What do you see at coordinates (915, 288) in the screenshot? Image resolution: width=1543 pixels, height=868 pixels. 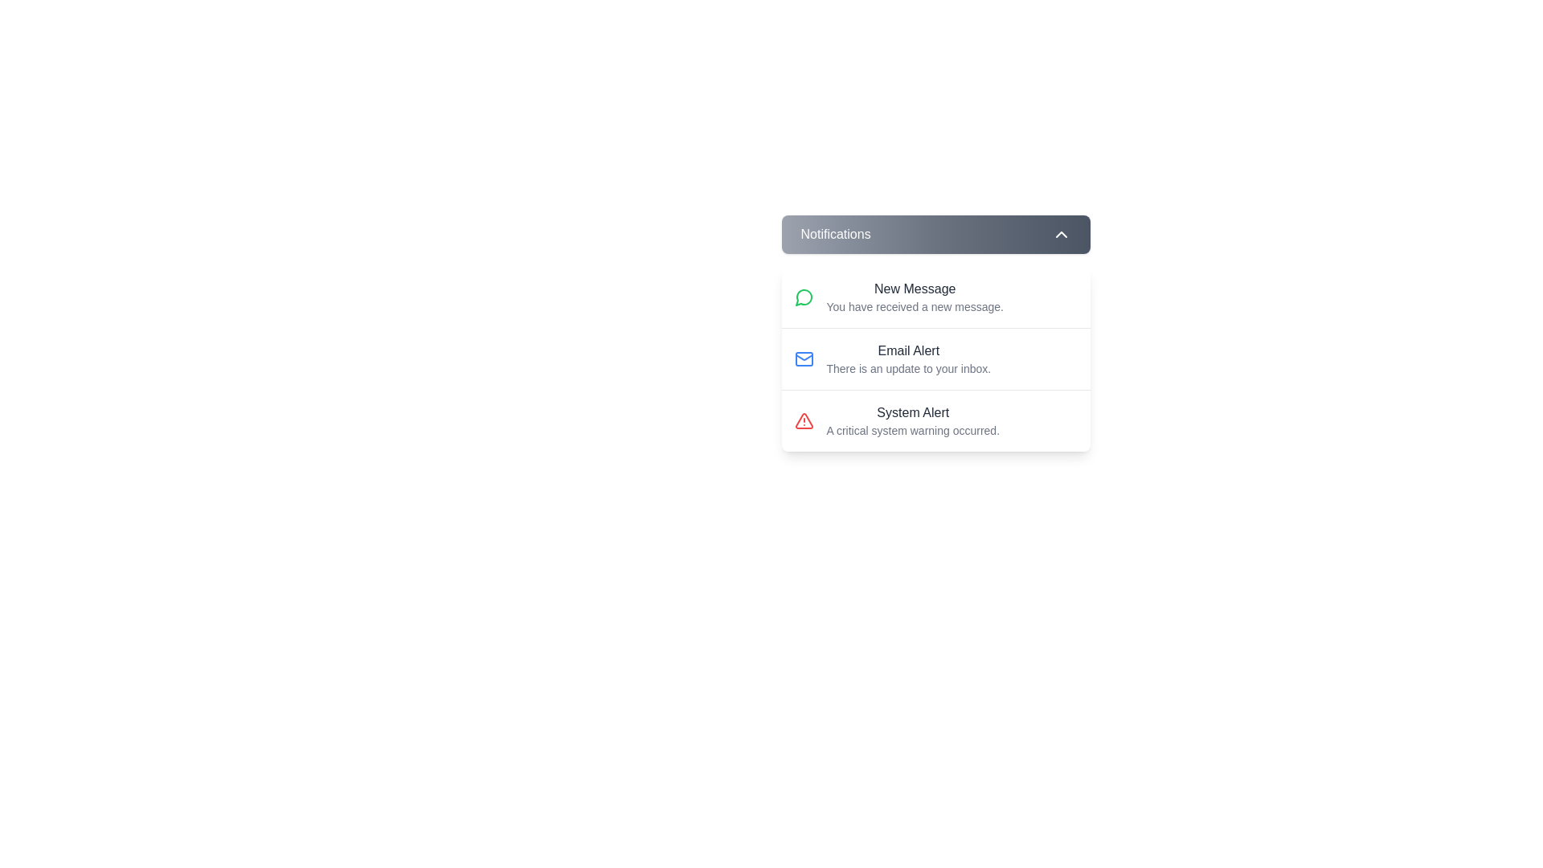 I see `the text label that signifies the title of a new notification alert, located at the top of the first notification item in the notifications dropdown` at bounding box center [915, 288].